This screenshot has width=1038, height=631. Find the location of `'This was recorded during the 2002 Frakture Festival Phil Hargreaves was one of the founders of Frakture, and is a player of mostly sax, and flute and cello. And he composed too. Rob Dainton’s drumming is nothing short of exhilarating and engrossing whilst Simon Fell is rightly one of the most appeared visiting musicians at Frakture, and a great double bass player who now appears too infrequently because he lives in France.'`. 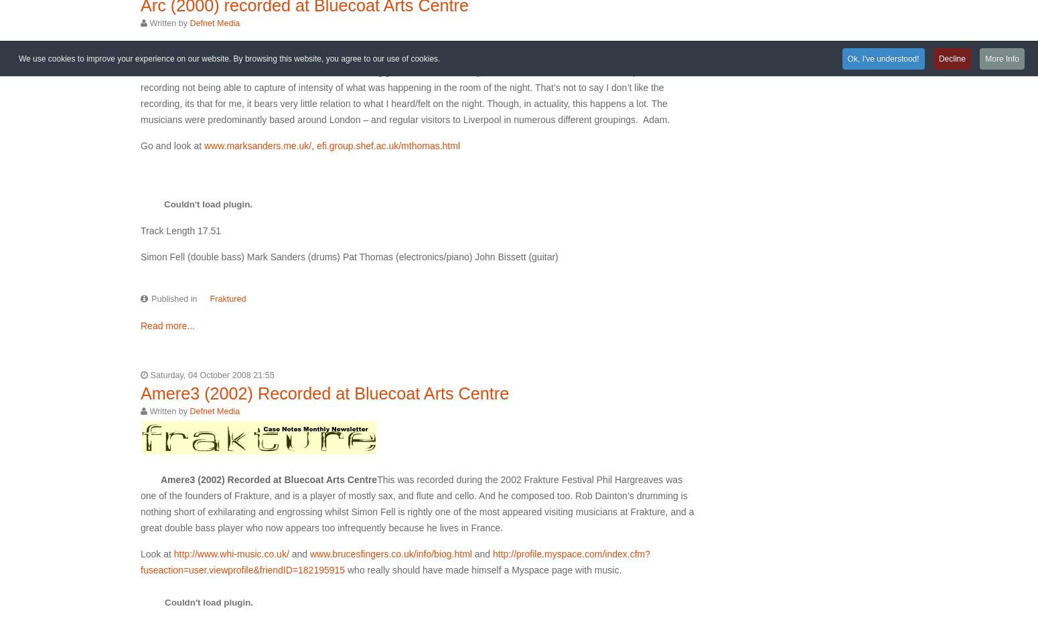

'This was recorded during the 2002 Frakture Festival Phil Hargreaves was one of the founders of Frakture, and is a player of mostly sax, and flute and cello. And he composed too. Rob Dainton’s drumming is nothing short of exhilarating and engrossing whilst Simon Fell is rightly one of the most appeared visiting musicians at Frakture, and a great double bass player who now appears too infrequently because he lives in France.' is located at coordinates (416, 503).